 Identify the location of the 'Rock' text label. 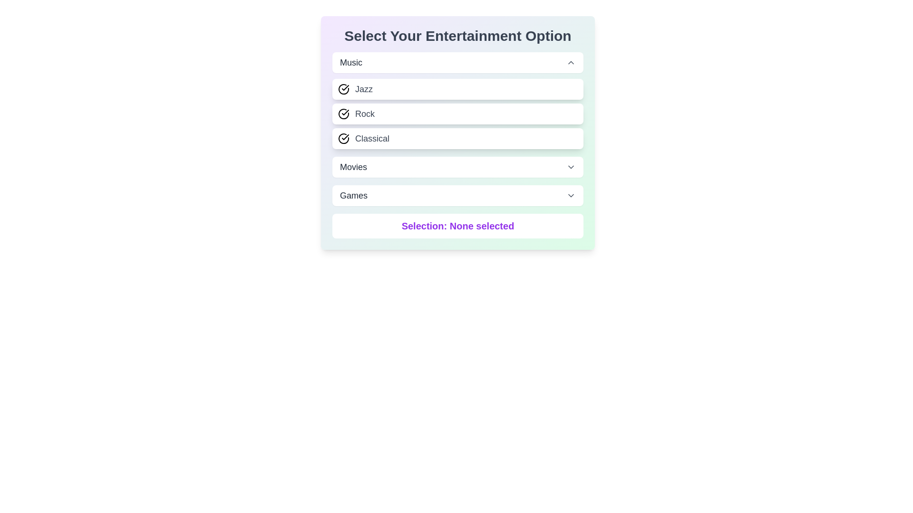
(364, 113).